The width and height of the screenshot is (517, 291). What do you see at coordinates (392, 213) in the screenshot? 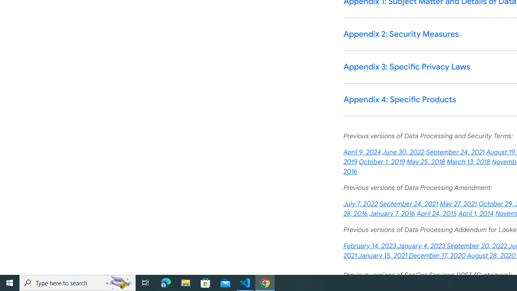
I see `'January 7, 2016'` at bounding box center [392, 213].